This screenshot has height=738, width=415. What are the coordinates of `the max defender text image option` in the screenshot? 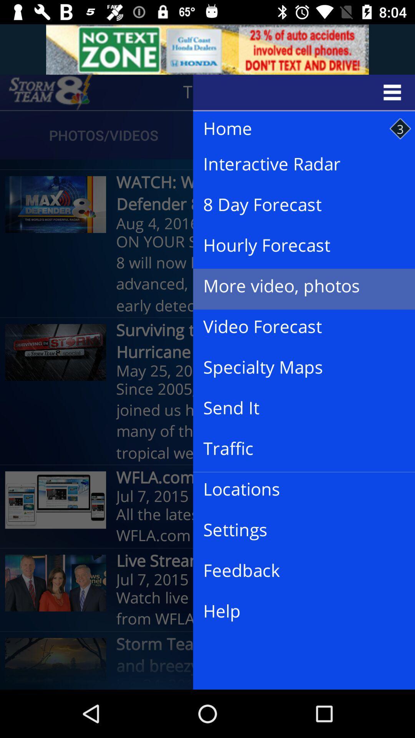 It's located at (55, 204).